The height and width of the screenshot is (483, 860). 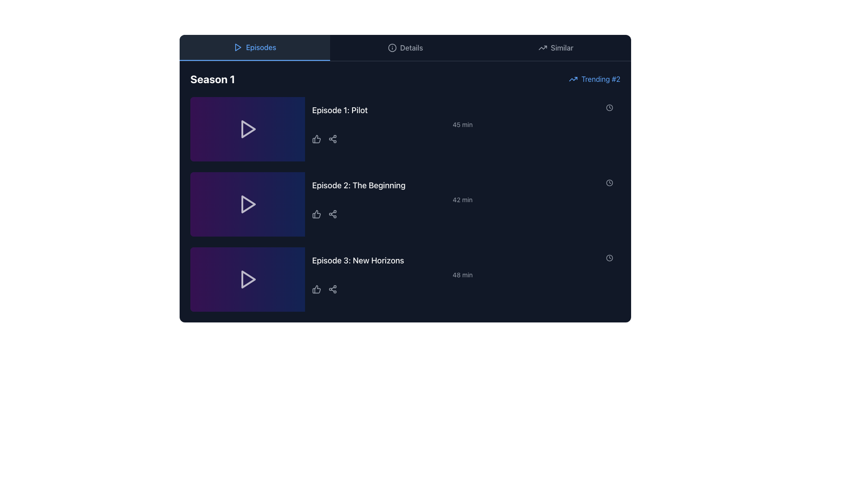 What do you see at coordinates (332, 214) in the screenshot?
I see `the share icon button, which is represented as three connected circular nodes and is located to the right of the text 'Episode 2: The Beginning'` at bounding box center [332, 214].